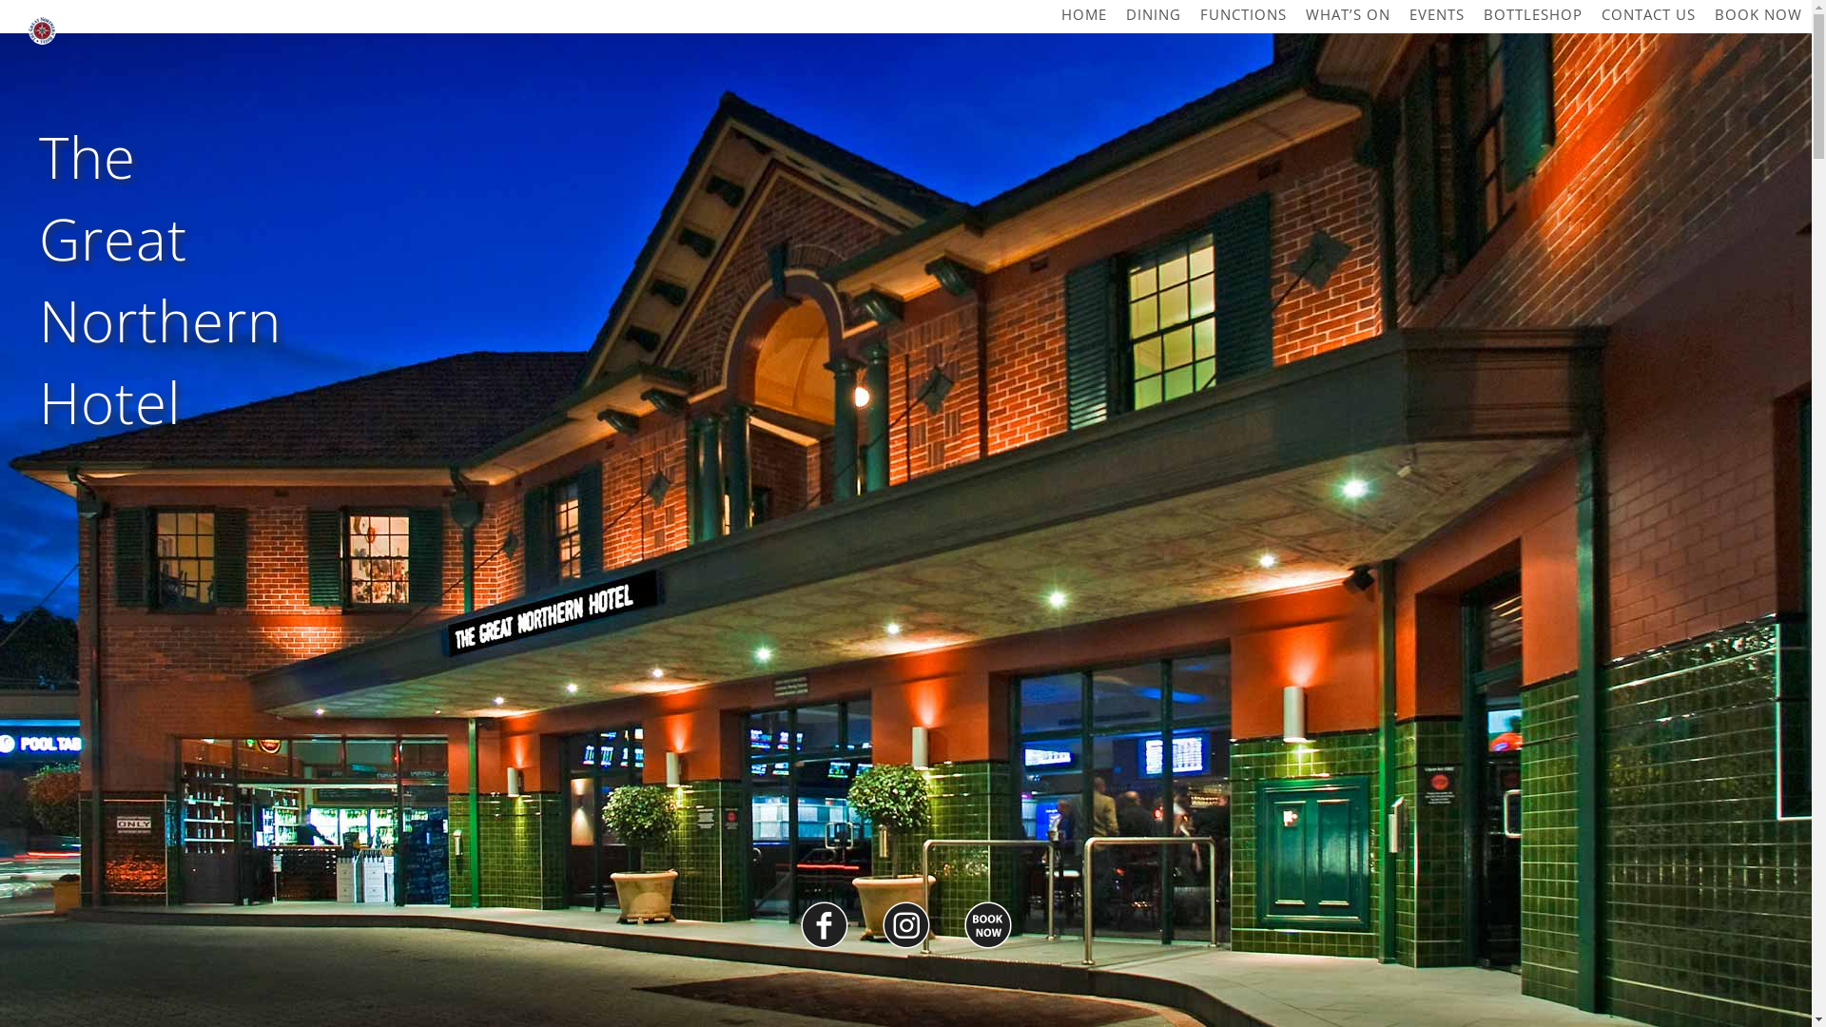 This screenshot has width=1826, height=1027. I want to click on 'BOTTLESHOP', so click(1533, 14).